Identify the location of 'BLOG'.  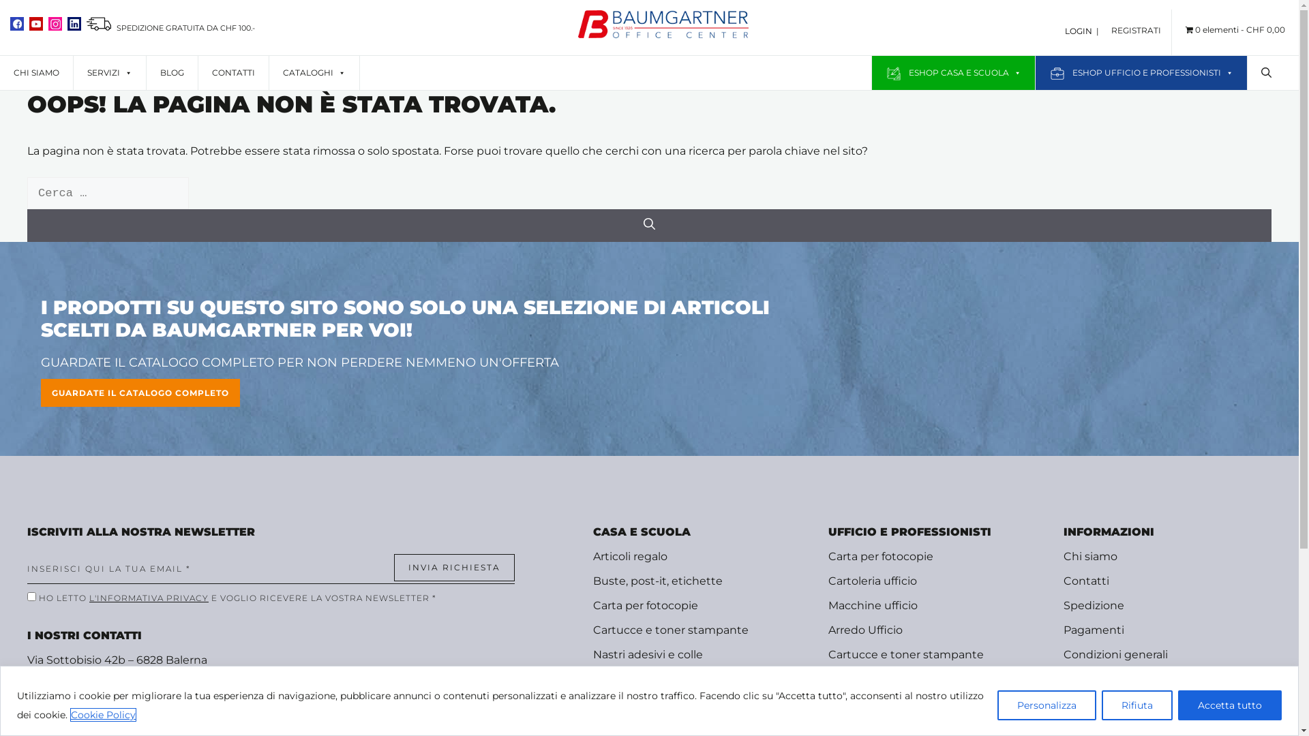
(171, 73).